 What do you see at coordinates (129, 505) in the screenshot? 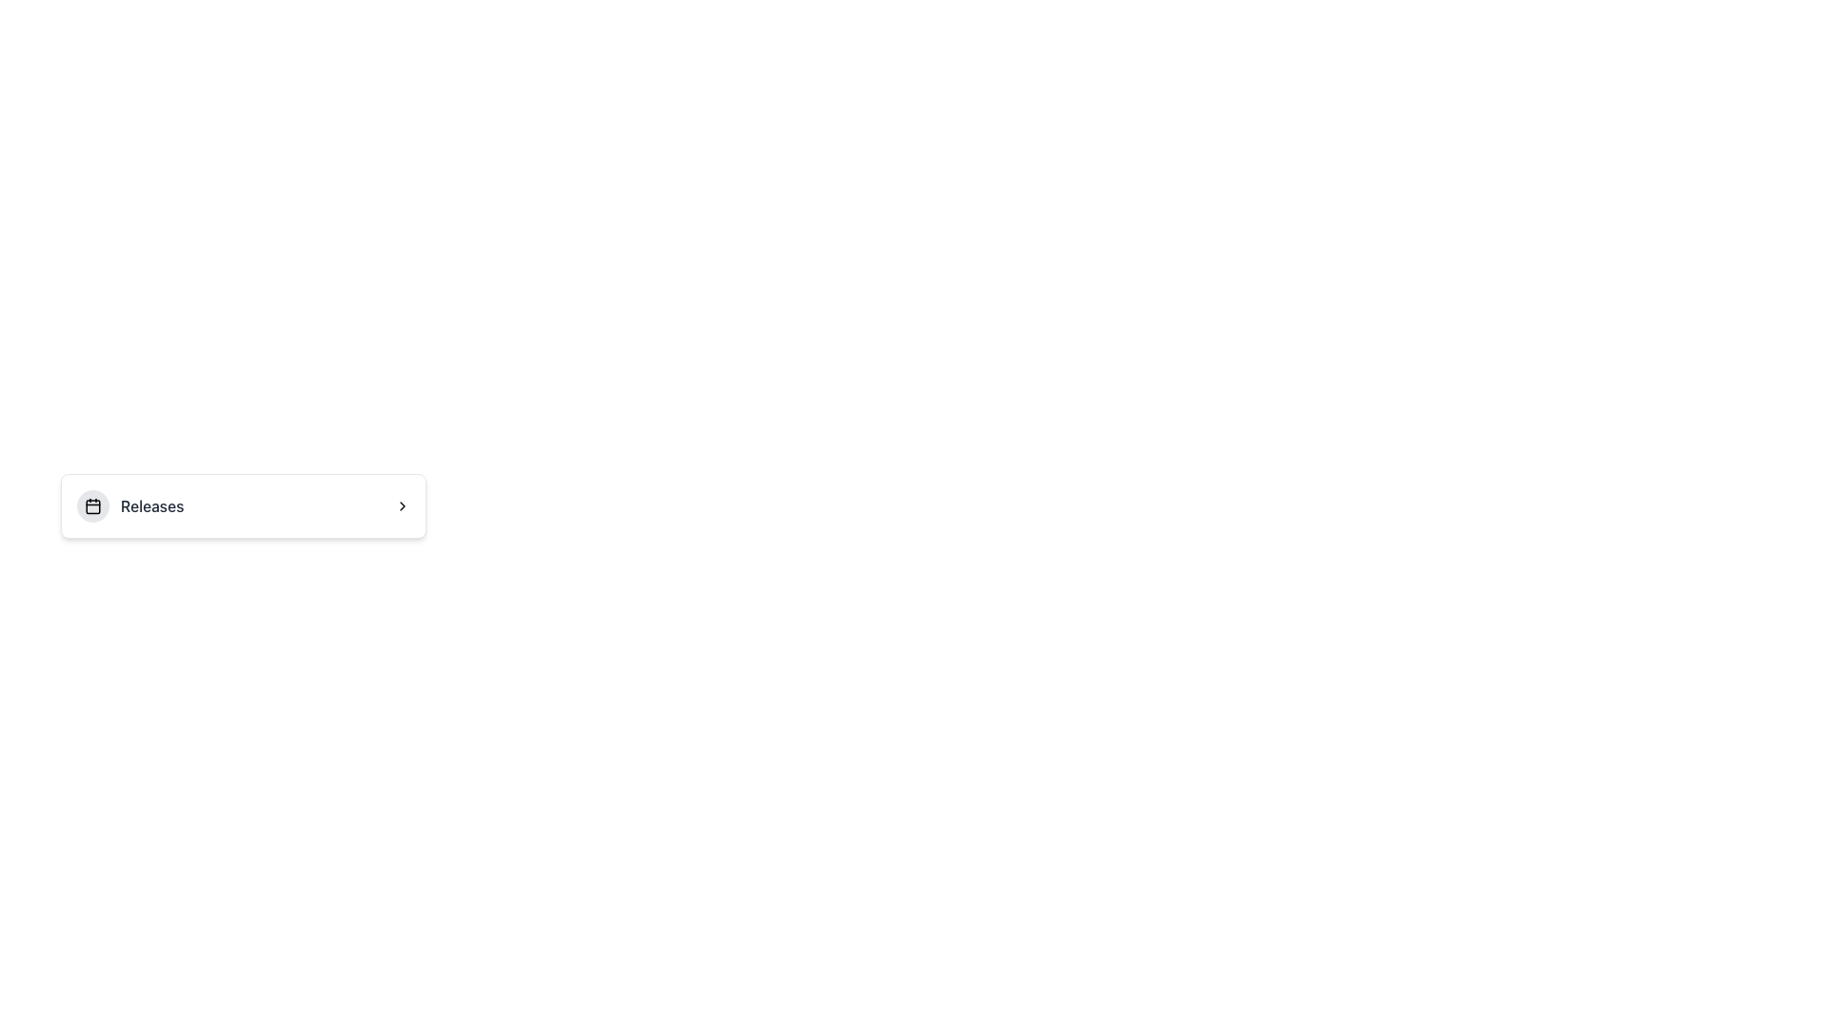
I see `the label indicating the section related to releases, which is the second visible component from the left, positioned to the right of a calendar icon` at bounding box center [129, 505].